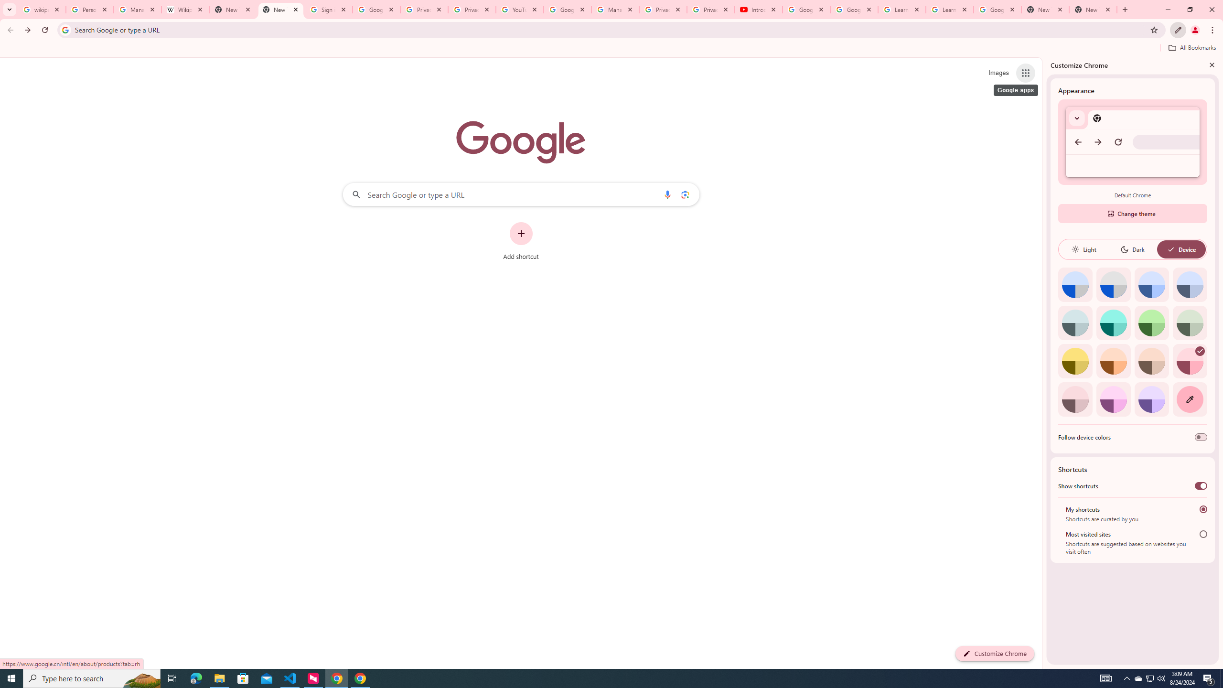 Image resolution: width=1223 pixels, height=688 pixels. Describe the element at coordinates (1151, 284) in the screenshot. I see `'Blue'` at that location.